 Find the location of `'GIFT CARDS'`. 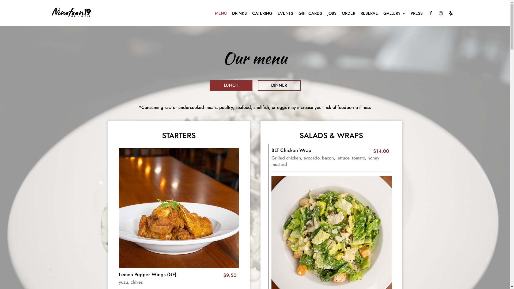

'GIFT CARDS' is located at coordinates (310, 13).